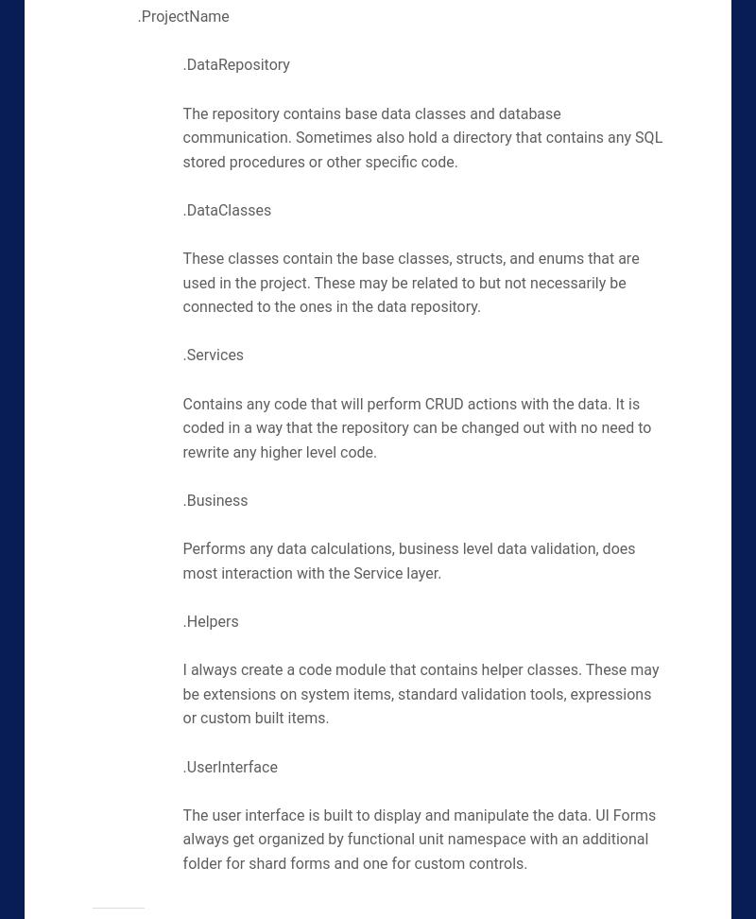 The width and height of the screenshot is (756, 919). I want to click on '.Business', so click(215, 500).